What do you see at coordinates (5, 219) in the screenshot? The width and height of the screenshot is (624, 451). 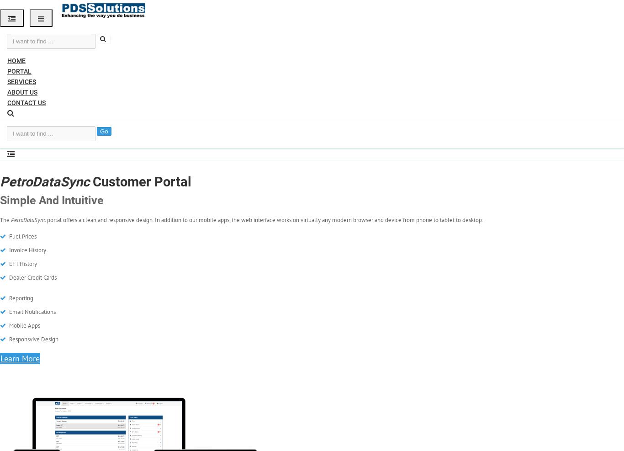 I see `'The'` at bounding box center [5, 219].